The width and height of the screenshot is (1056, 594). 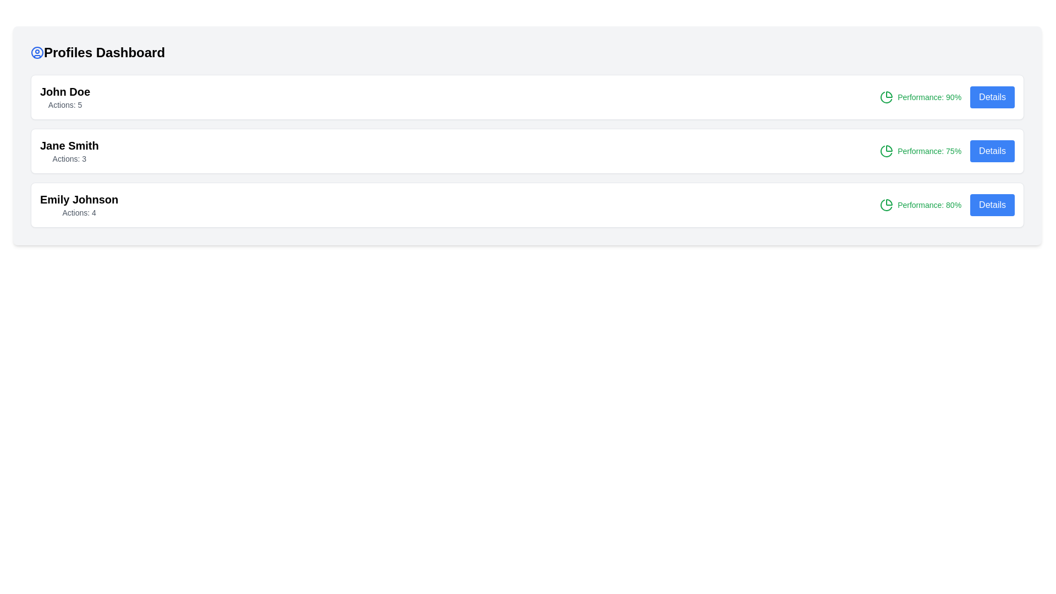 I want to click on the profile icon located to the left of the 'Profiles Dashboard' text in the dashboard section, so click(x=37, y=53).